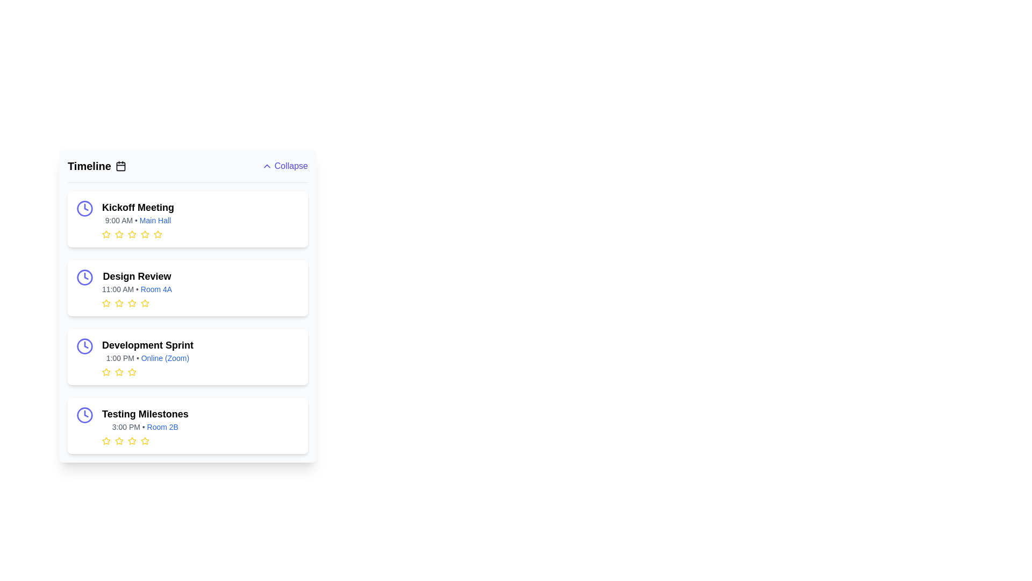  I want to click on the static text label displaying the location details 'Room 2B' for the event 'Testing Milestones' scheduled at 3:00 PM, so click(162, 427).